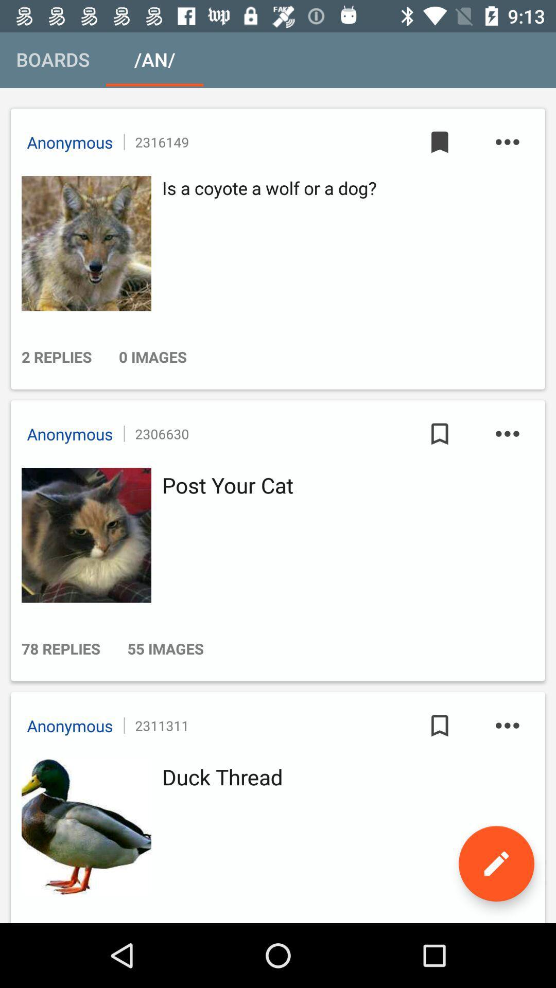  What do you see at coordinates (496, 863) in the screenshot?
I see `edit` at bounding box center [496, 863].